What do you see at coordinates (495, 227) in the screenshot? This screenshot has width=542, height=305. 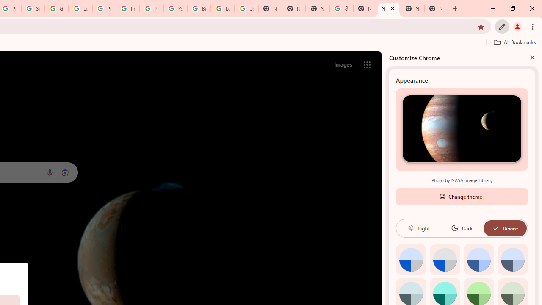 I see `'AutomationID: baseSvg'` at bounding box center [495, 227].